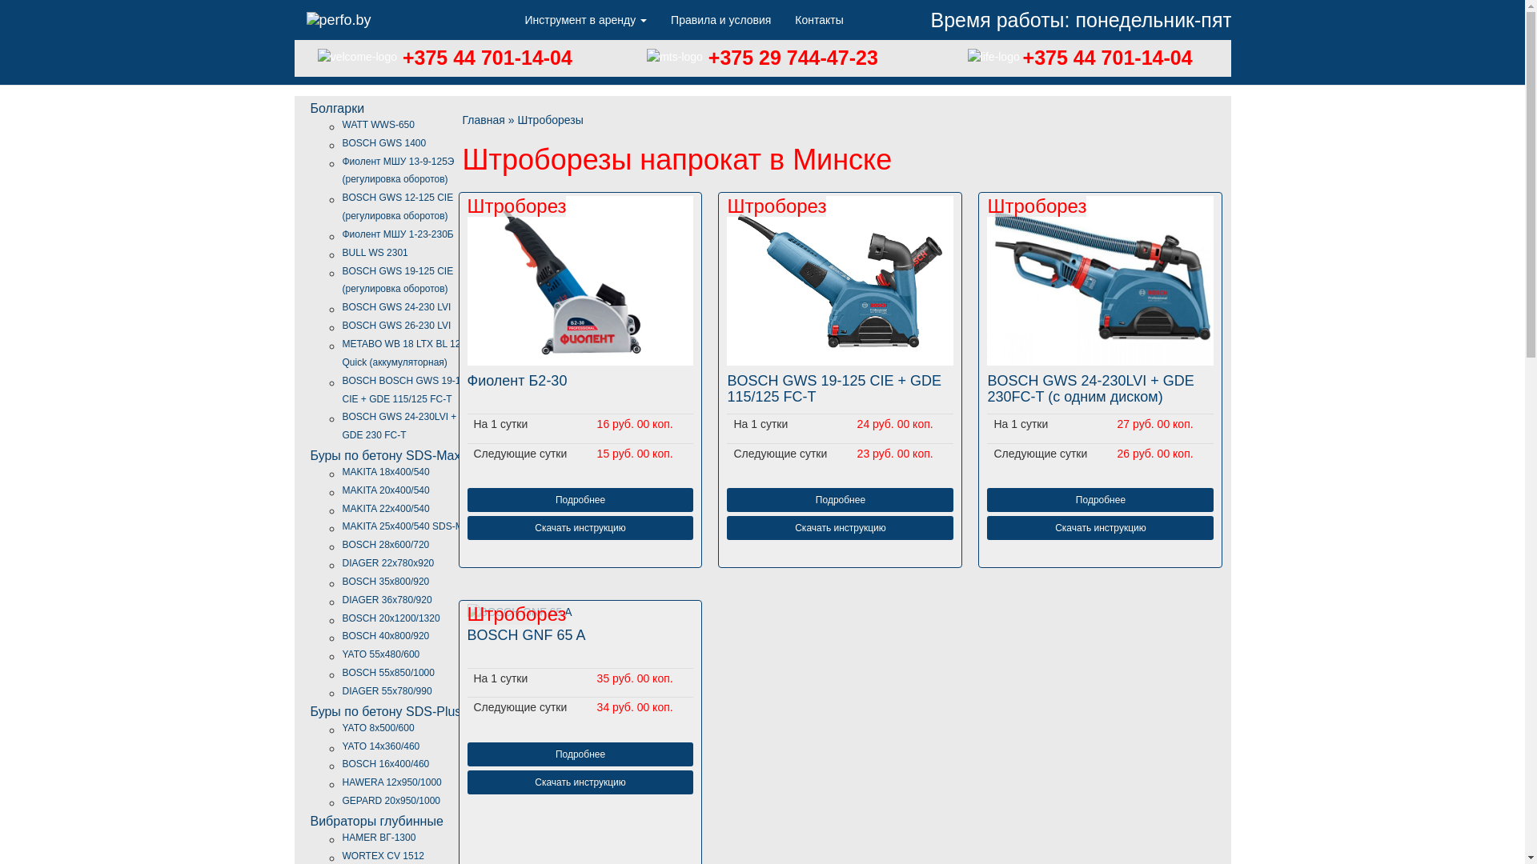  What do you see at coordinates (386, 471) in the screenshot?
I see `'MAKITA 18x400/540'` at bounding box center [386, 471].